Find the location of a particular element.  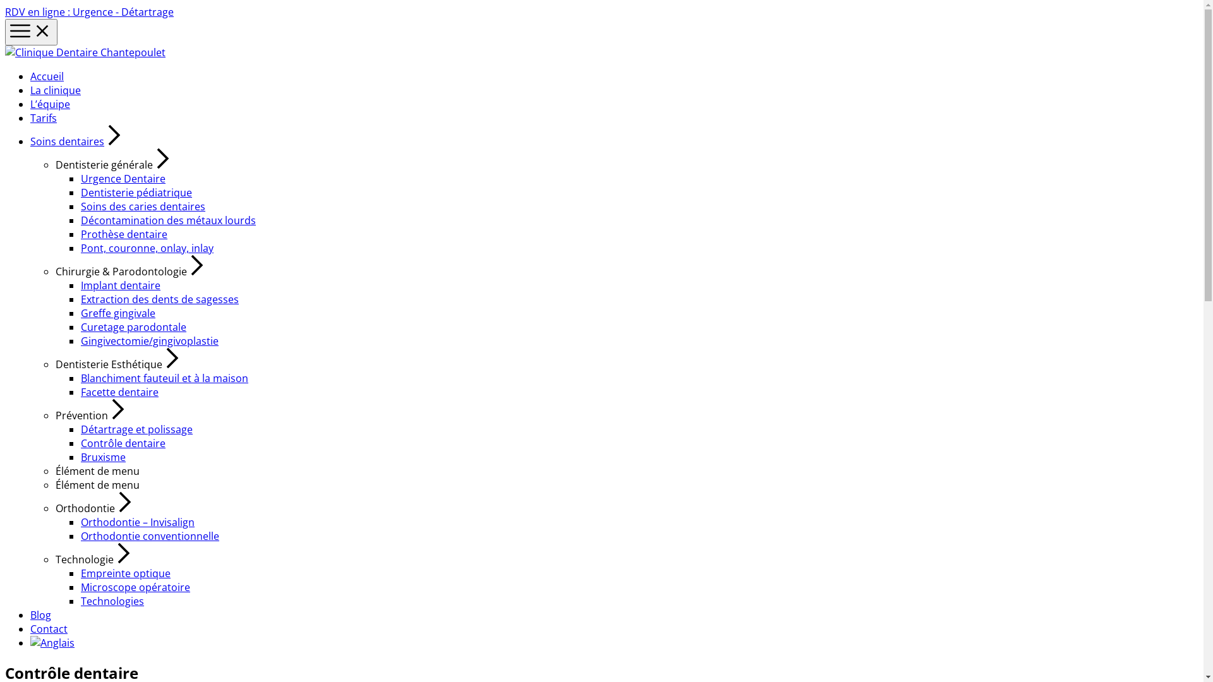

'Chirurgie & Parodontologie' is located at coordinates (131, 270).